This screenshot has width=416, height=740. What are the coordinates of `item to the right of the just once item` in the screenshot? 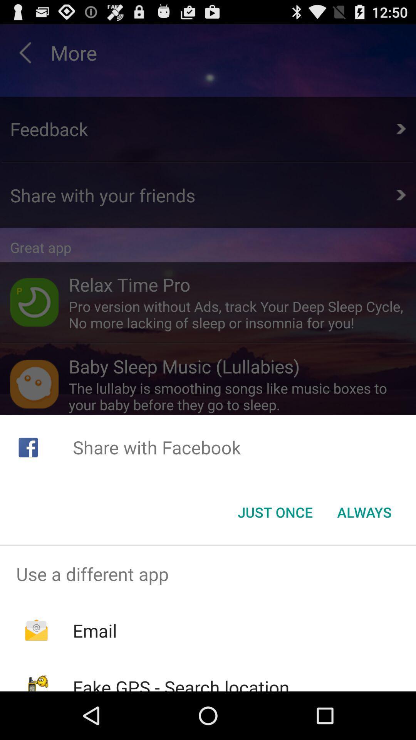 It's located at (364, 512).